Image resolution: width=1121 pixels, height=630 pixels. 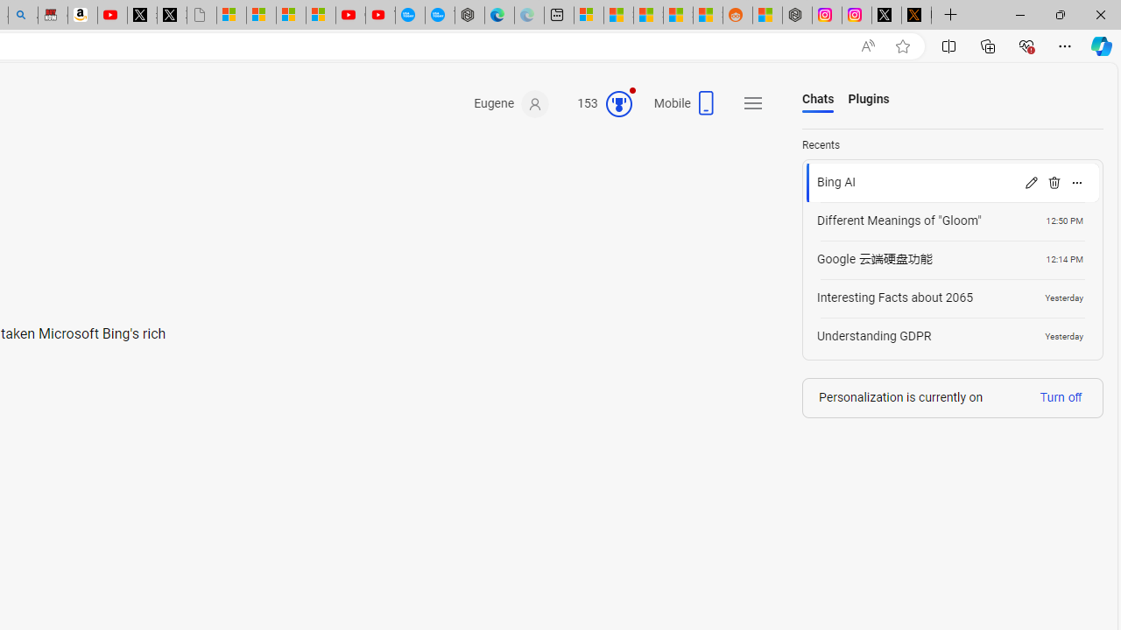 What do you see at coordinates (686, 108) in the screenshot?
I see `'Mobile'` at bounding box center [686, 108].